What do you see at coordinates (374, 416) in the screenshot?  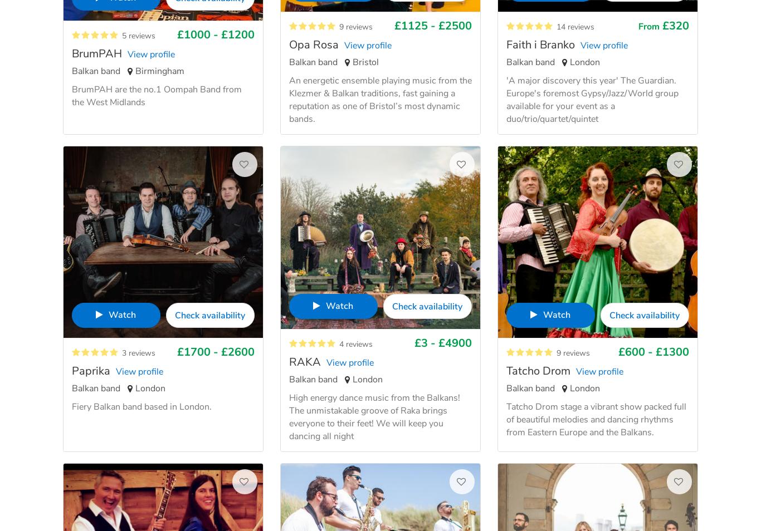 I see `'High energy dance music from the Balkans!  The unmistakable groove of Raka brings everyone to their feet! We will keep you dancing all night'` at bounding box center [374, 416].